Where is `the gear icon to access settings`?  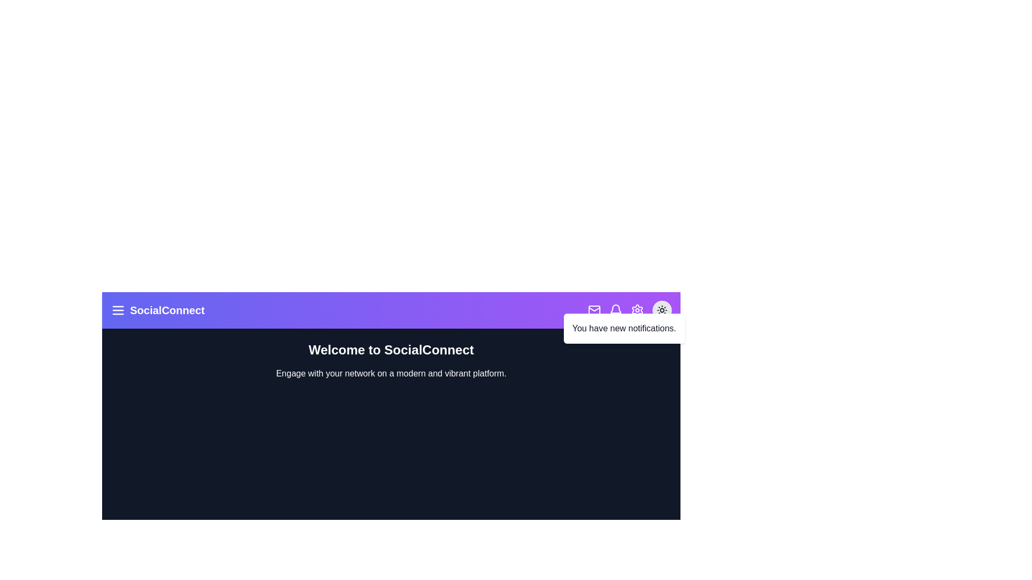
the gear icon to access settings is located at coordinates (637, 310).